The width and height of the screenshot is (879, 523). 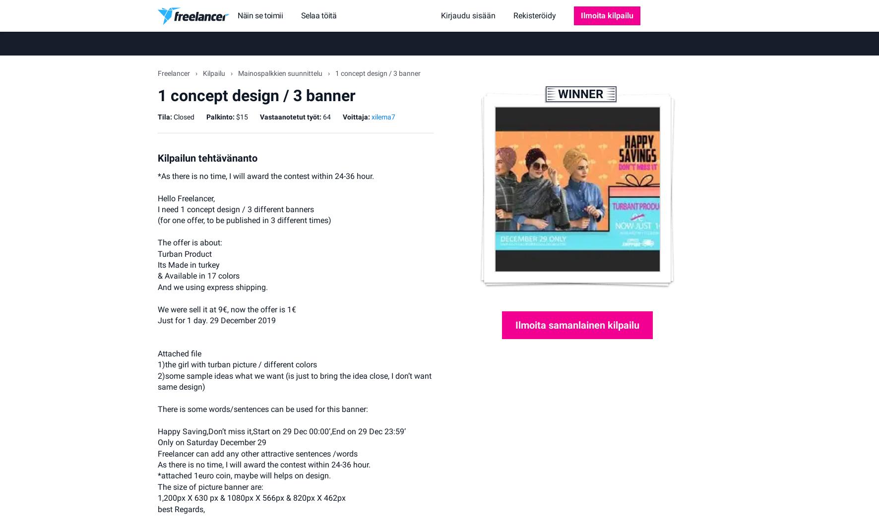 What do you see at coordinates (157, 380) in the screenshot?
I see `'2)some sample ideas what we want (is just to bring the idea close, I don’t want same design)'` at bounding box center [157, 380].